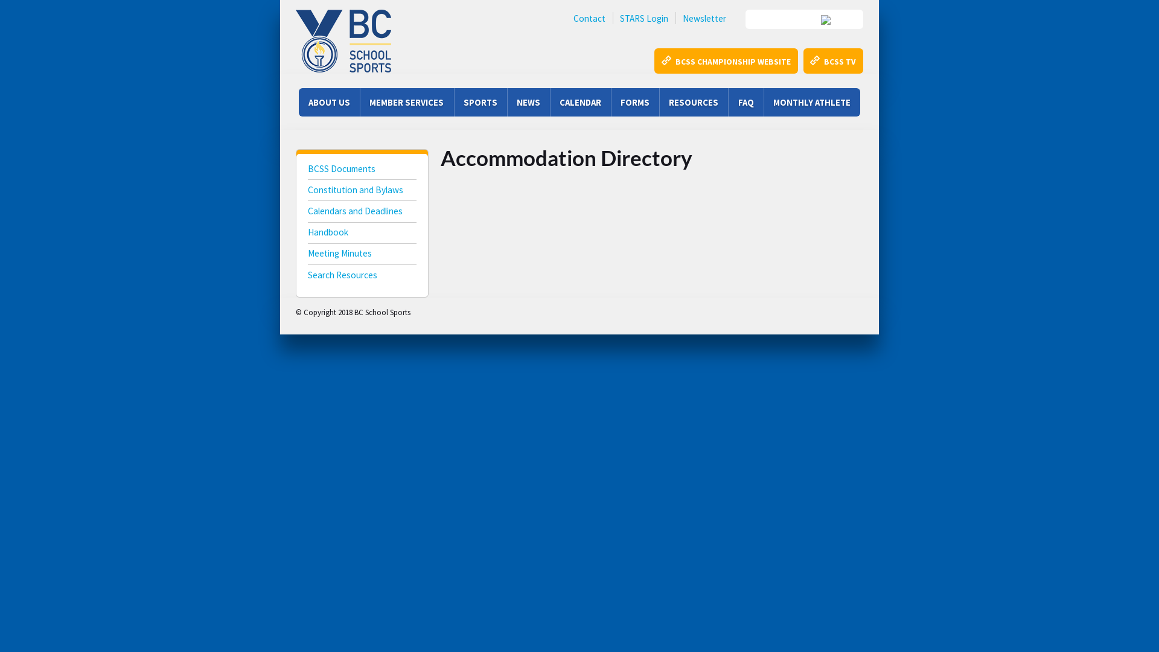 Image resolution: width=1159 pixels, height=652 pixels. I want to click on 'BCSS CHAMPIONSHIP WEBSITE', so click(725, 60).